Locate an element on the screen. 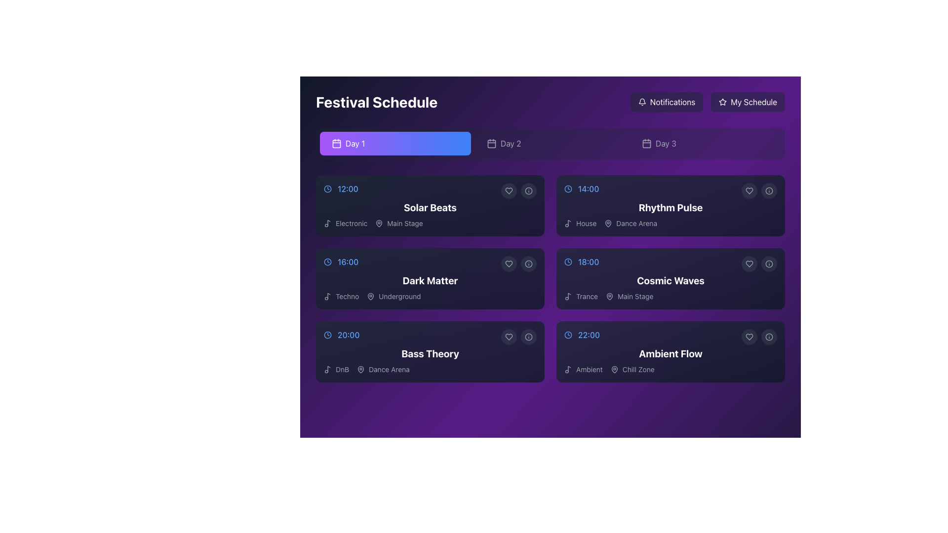  the text label indicating the music genre for the 'Rhythm Pulse' event at 14:00 in the Dance Arena, positioned below the time and title, adjacent to the music note icon is located at coordinates (586, 223).